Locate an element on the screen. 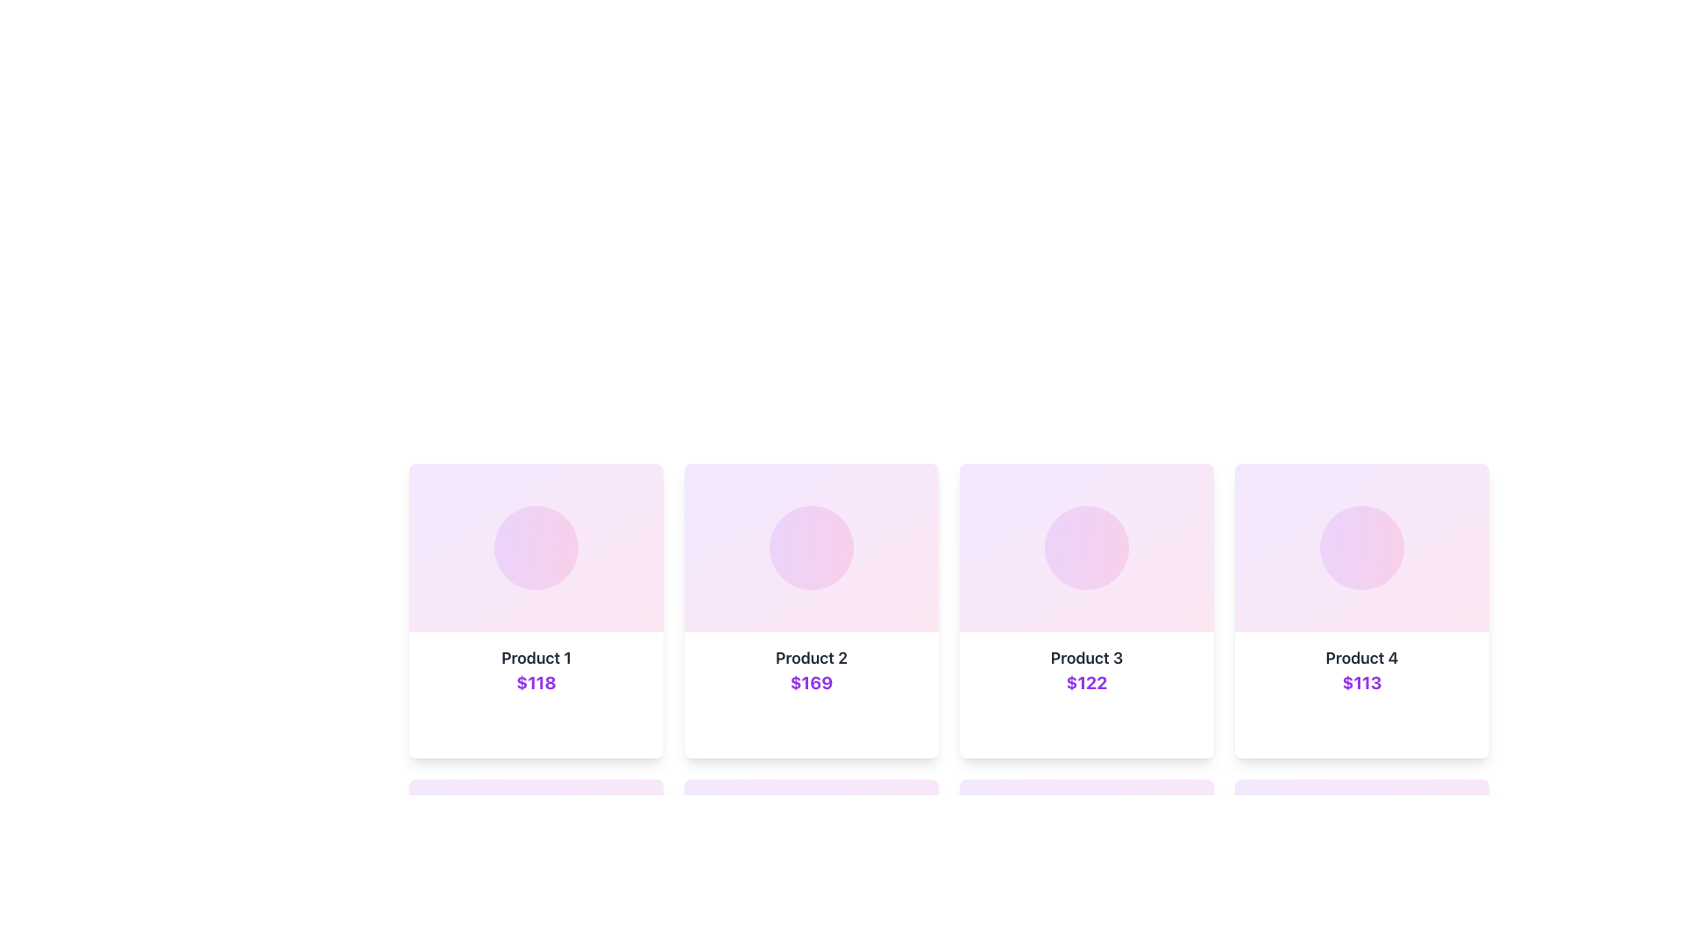 This screenshot has height=947, width=1683. the static price label displaying the price of 'Product 1', located in the middle section of its product card is located at coordinates (535, 682).